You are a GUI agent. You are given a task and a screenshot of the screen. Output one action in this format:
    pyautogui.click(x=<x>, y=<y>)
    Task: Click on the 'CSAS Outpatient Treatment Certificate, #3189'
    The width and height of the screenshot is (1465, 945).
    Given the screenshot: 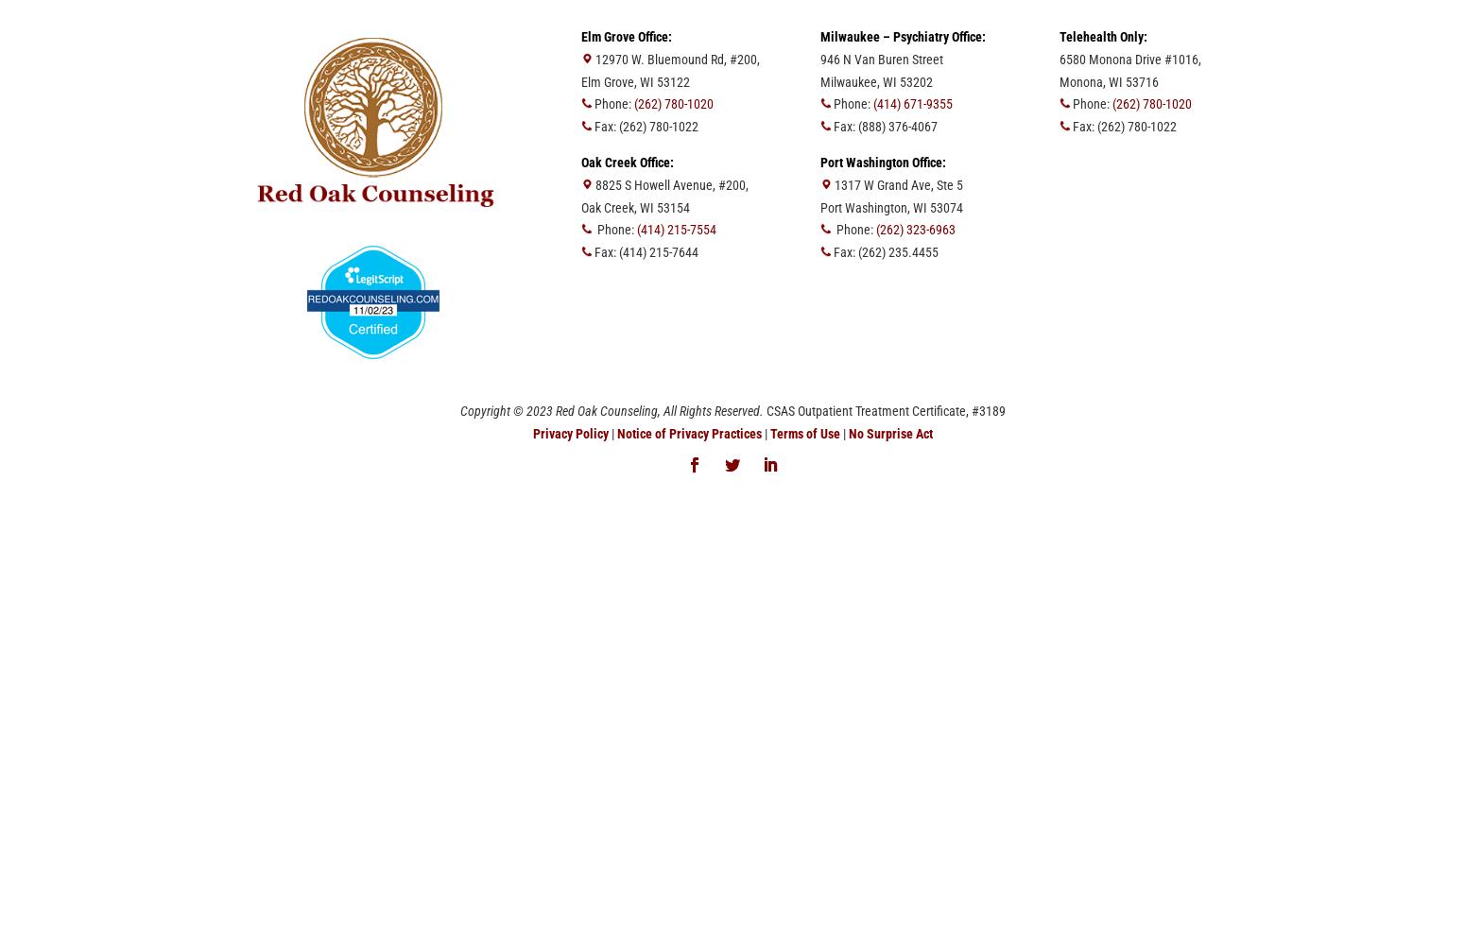 What is the action you would take?
    pyautogui.click(x=884, y=410)
    